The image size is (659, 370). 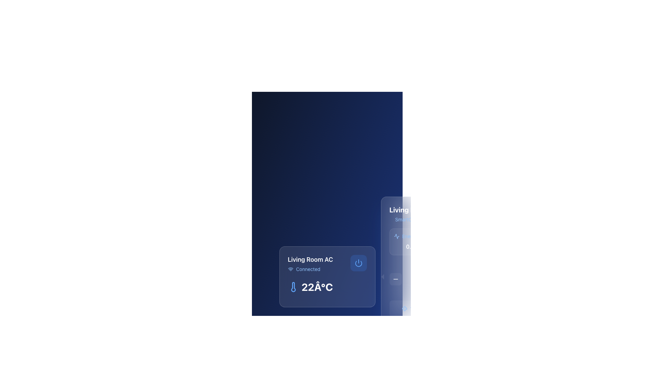 What do you see at coordinates (327, 287) in the screenshot?
I see `temperature value displayed as '22Â°C' next to the thermometer icon in the card component` at bounding box center [327, 287].